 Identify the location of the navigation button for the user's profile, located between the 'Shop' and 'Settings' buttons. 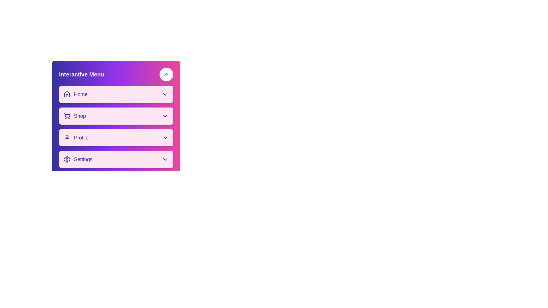
(116, 137).